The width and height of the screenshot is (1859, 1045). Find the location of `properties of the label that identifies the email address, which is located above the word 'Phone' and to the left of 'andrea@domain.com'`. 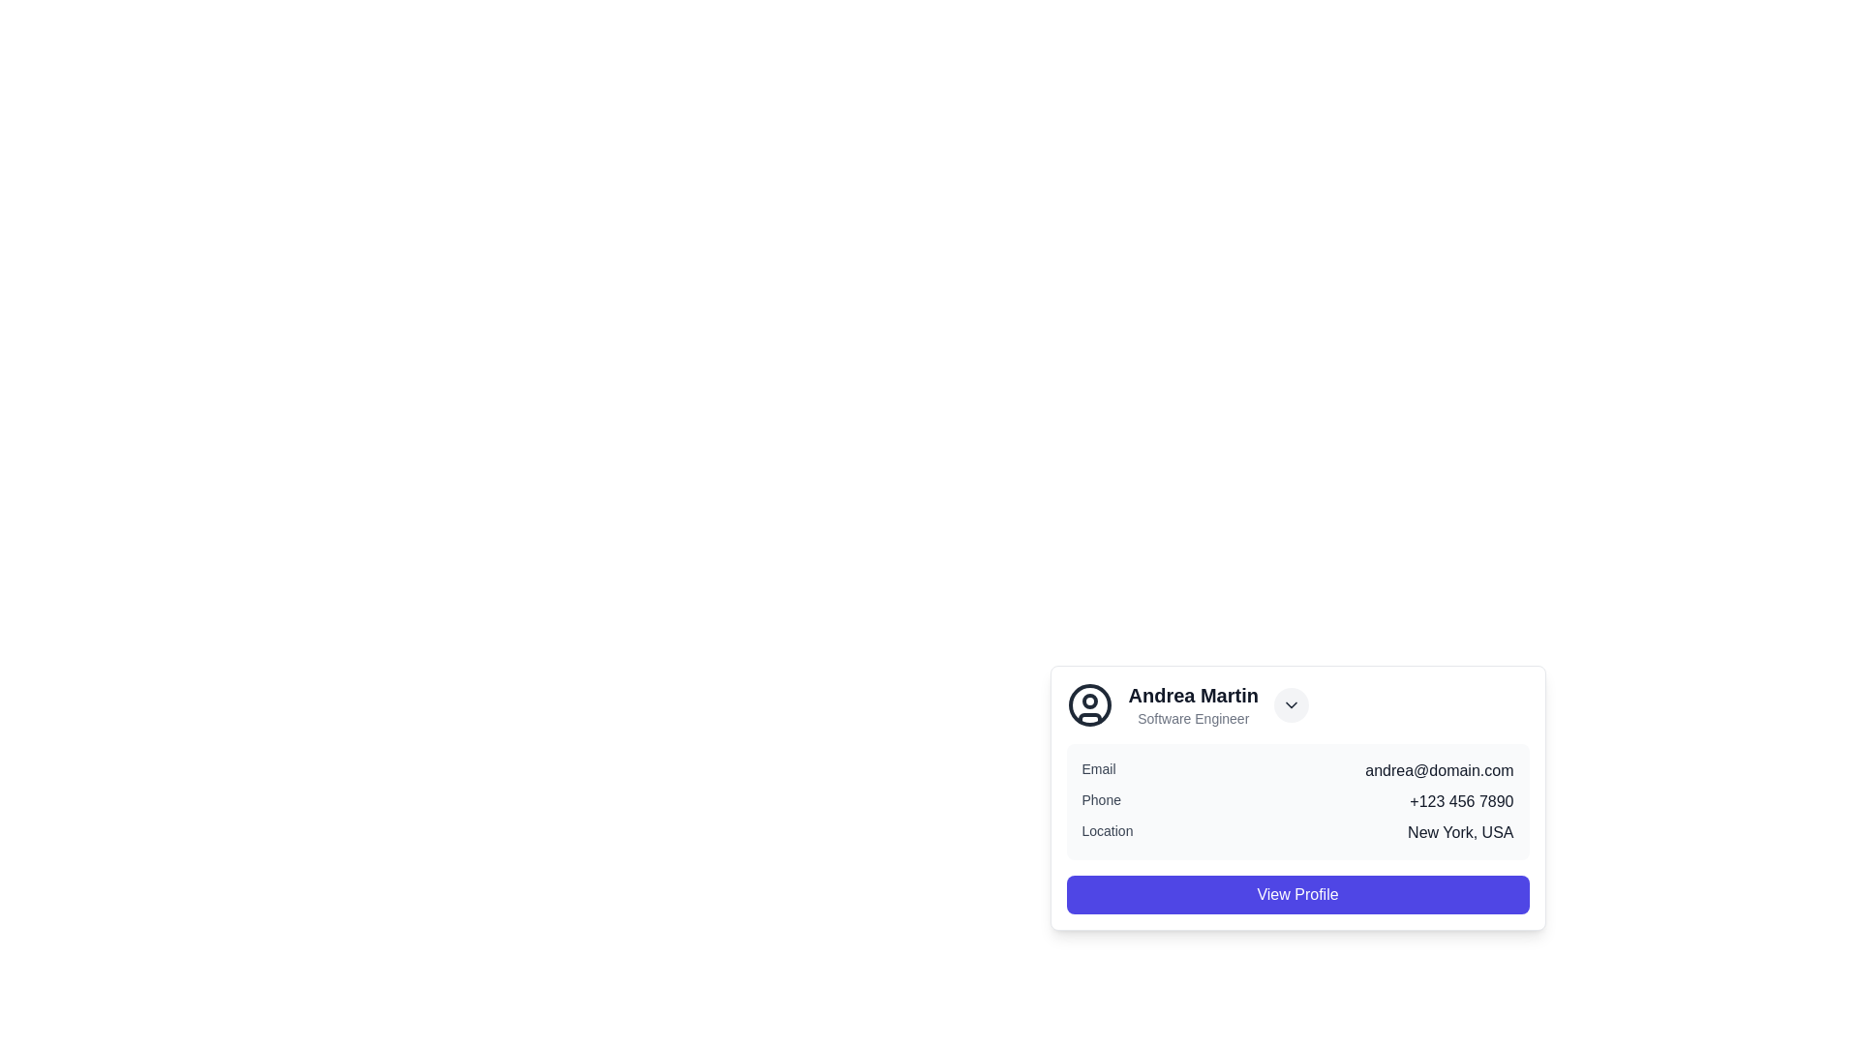

properties of the label that identifies the email address, which is located above the word 'Phone' and to the left of 'andrea@domain.com' is located at coordinates (1099, 770).